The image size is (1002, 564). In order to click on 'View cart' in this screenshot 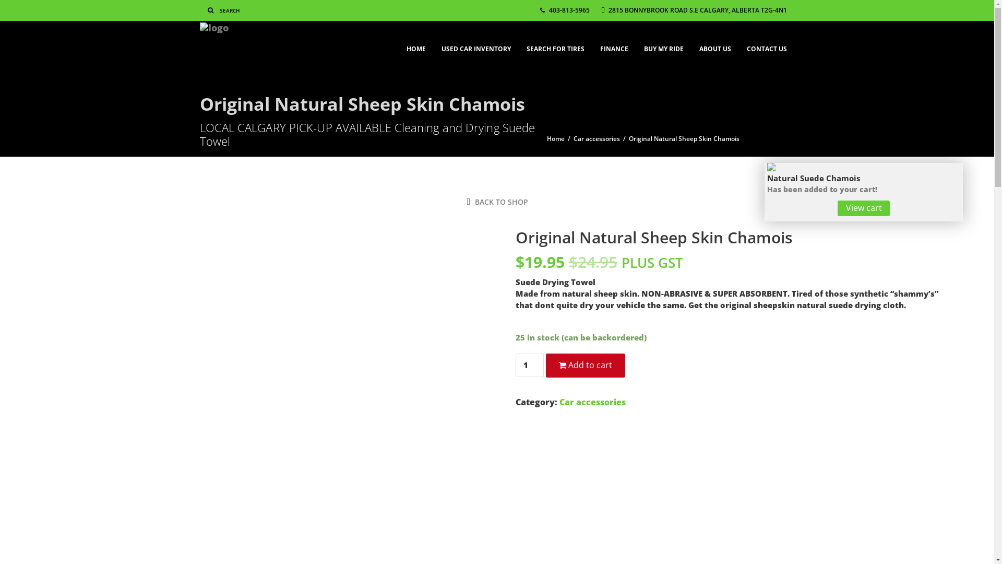, I will do `click(864, 208)`.